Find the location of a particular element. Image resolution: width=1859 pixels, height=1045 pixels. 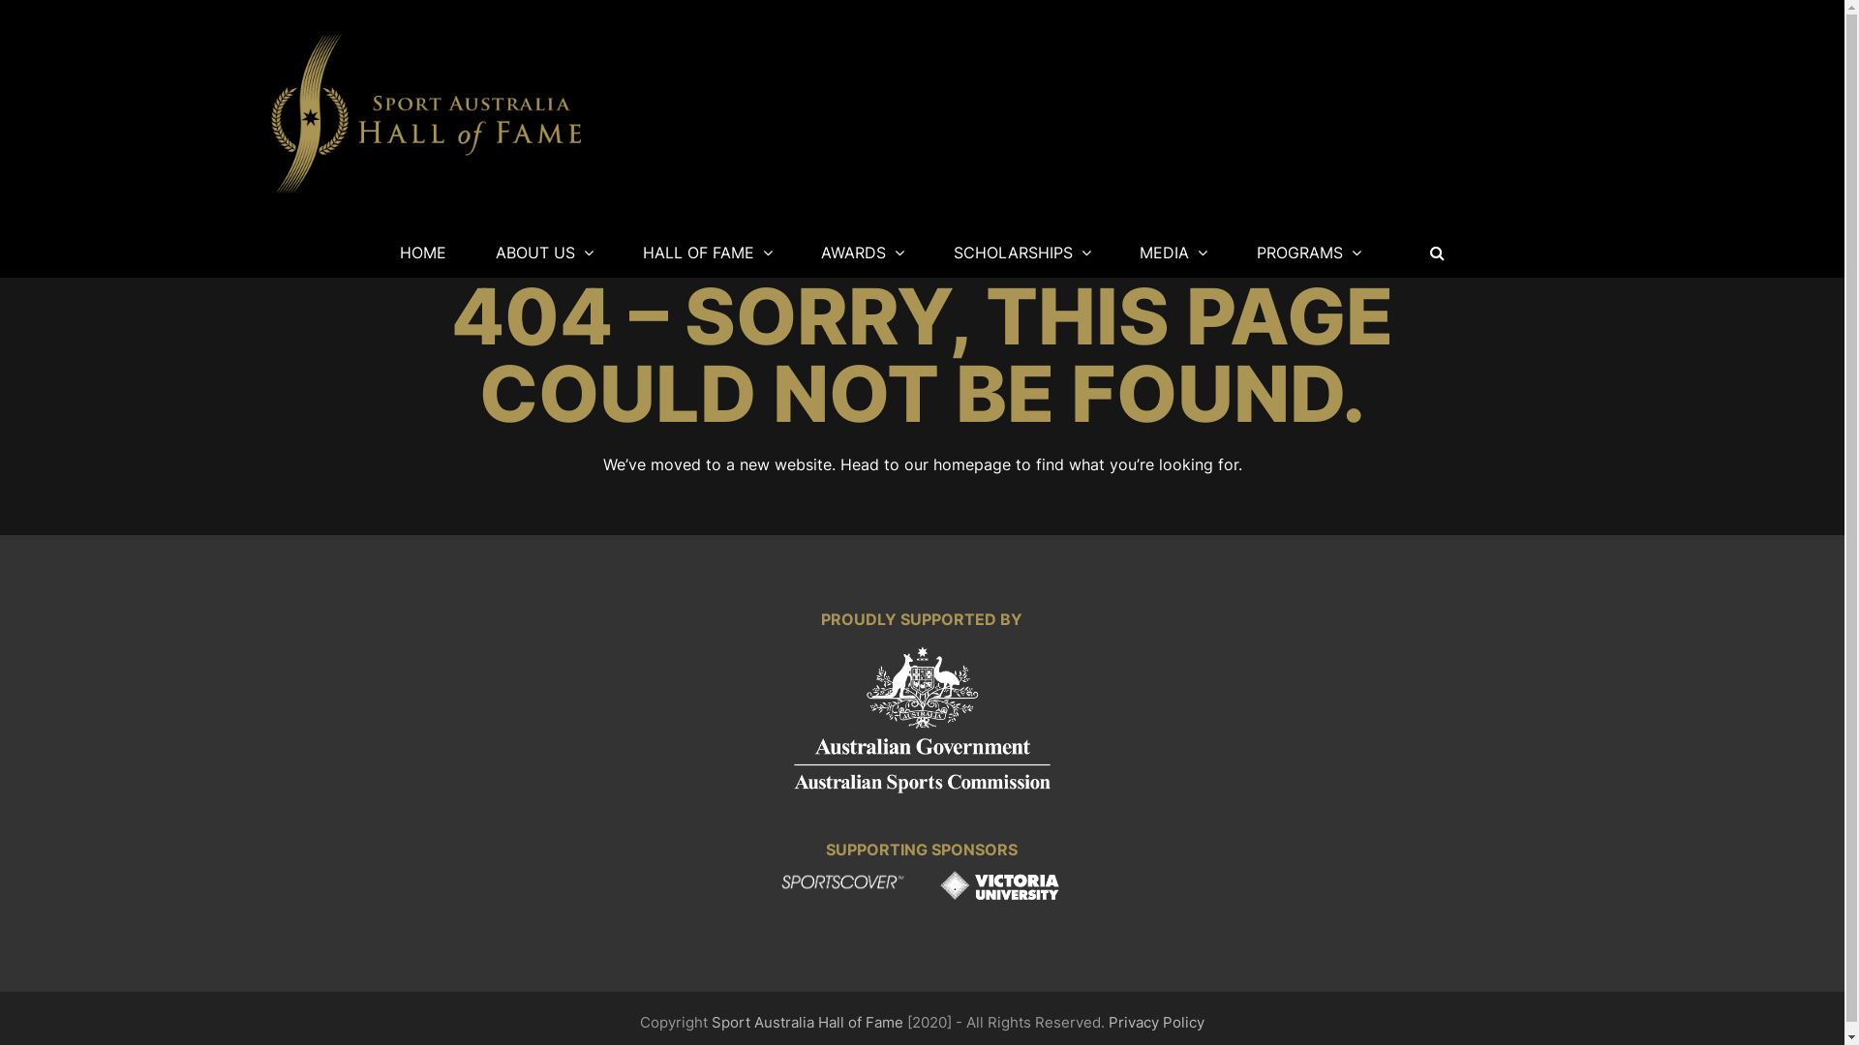

'HALL OF FAME' is located at coordinates (706, 252).